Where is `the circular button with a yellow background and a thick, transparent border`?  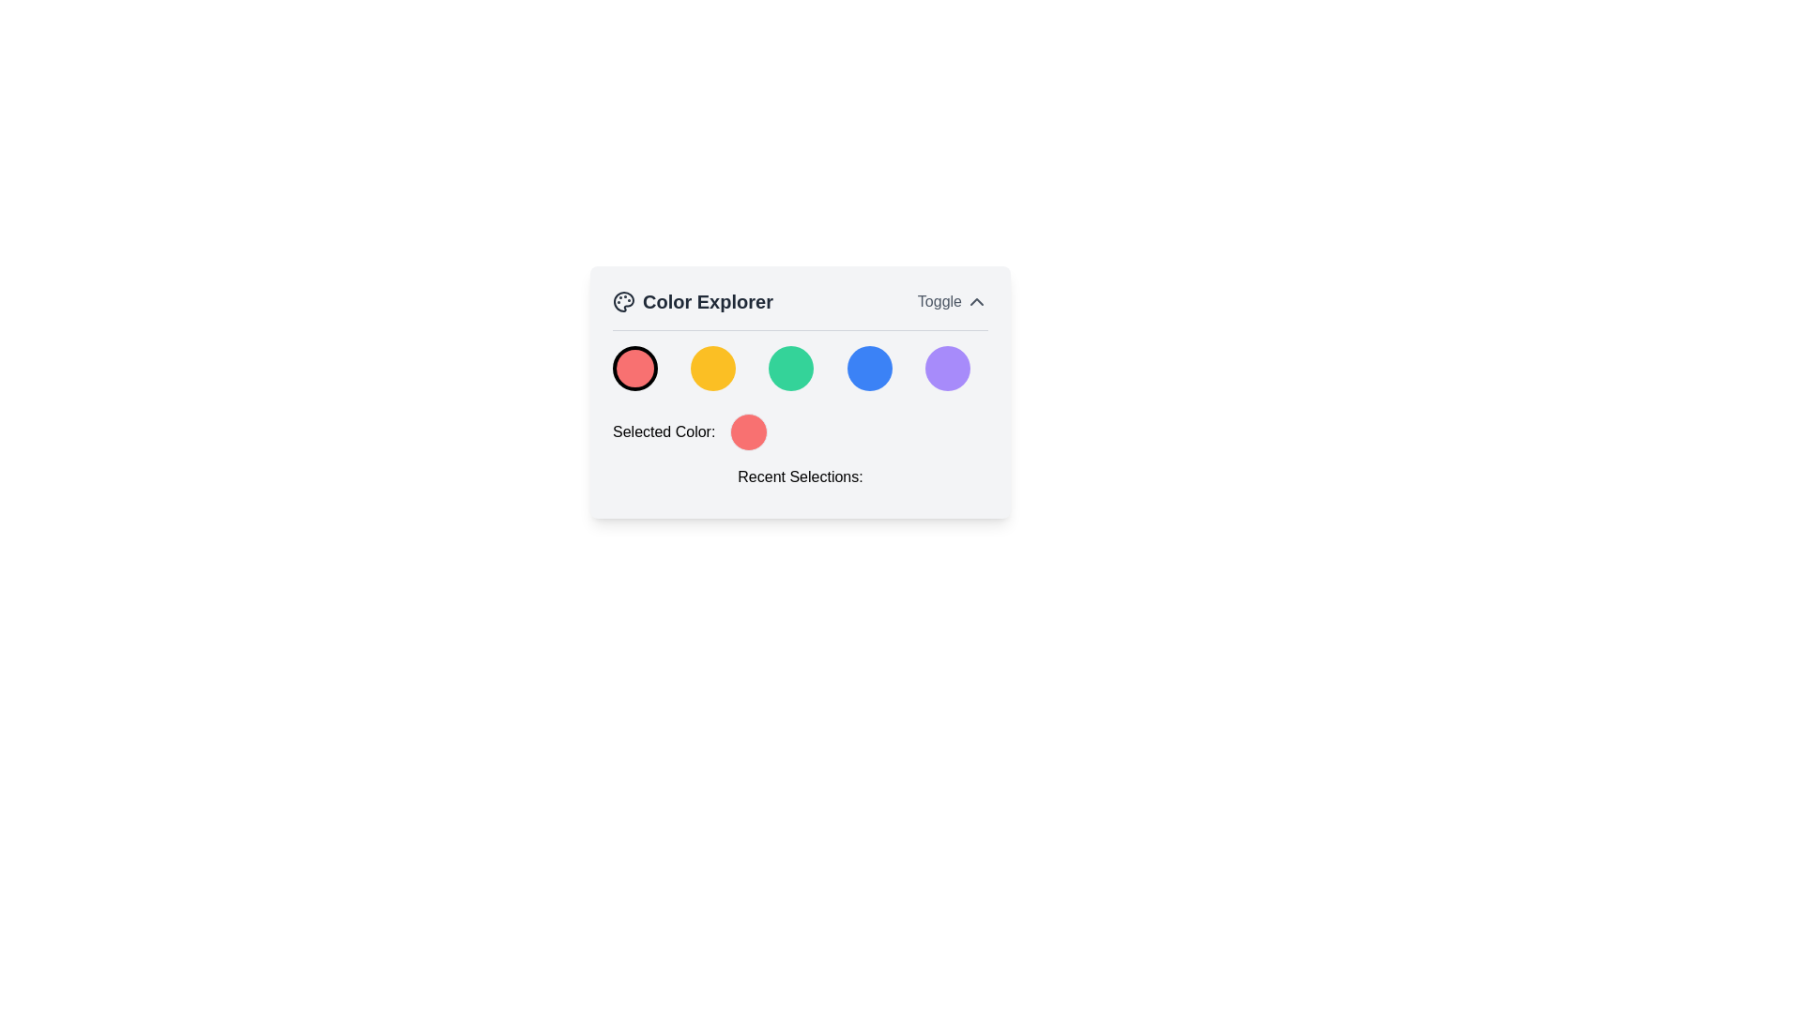
the circular button with a yellow background and a thick, transparent border is located at coordinates (712, 369).